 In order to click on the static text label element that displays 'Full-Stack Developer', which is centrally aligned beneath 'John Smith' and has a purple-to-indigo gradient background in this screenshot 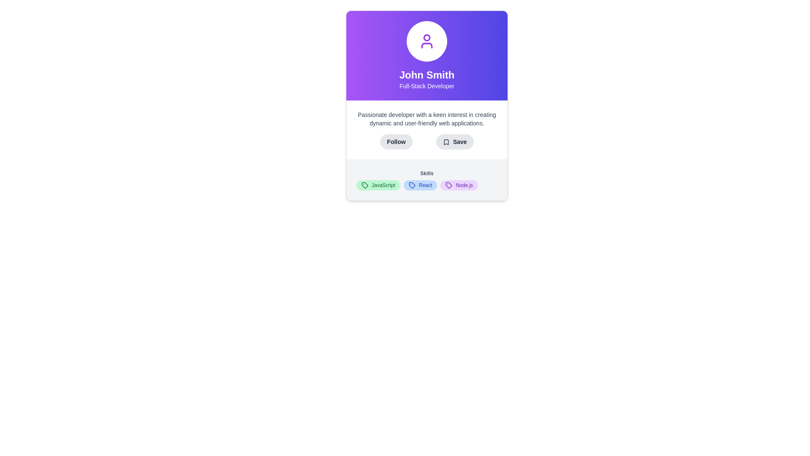, I will do `click(427, 86)`.